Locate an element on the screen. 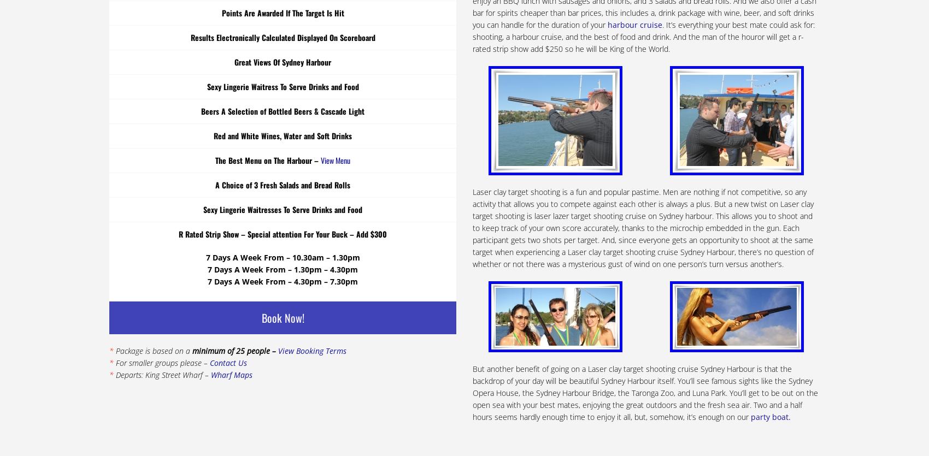 This screenshot has width=929, height=456. '. It’s everything your best mate could ask for: shooting, a harbour cruise, and the best of food and drink. And the man of the houror will get a r-rated strip show add $250 so he will be King of the World.' is located at coordinates (643, 36).